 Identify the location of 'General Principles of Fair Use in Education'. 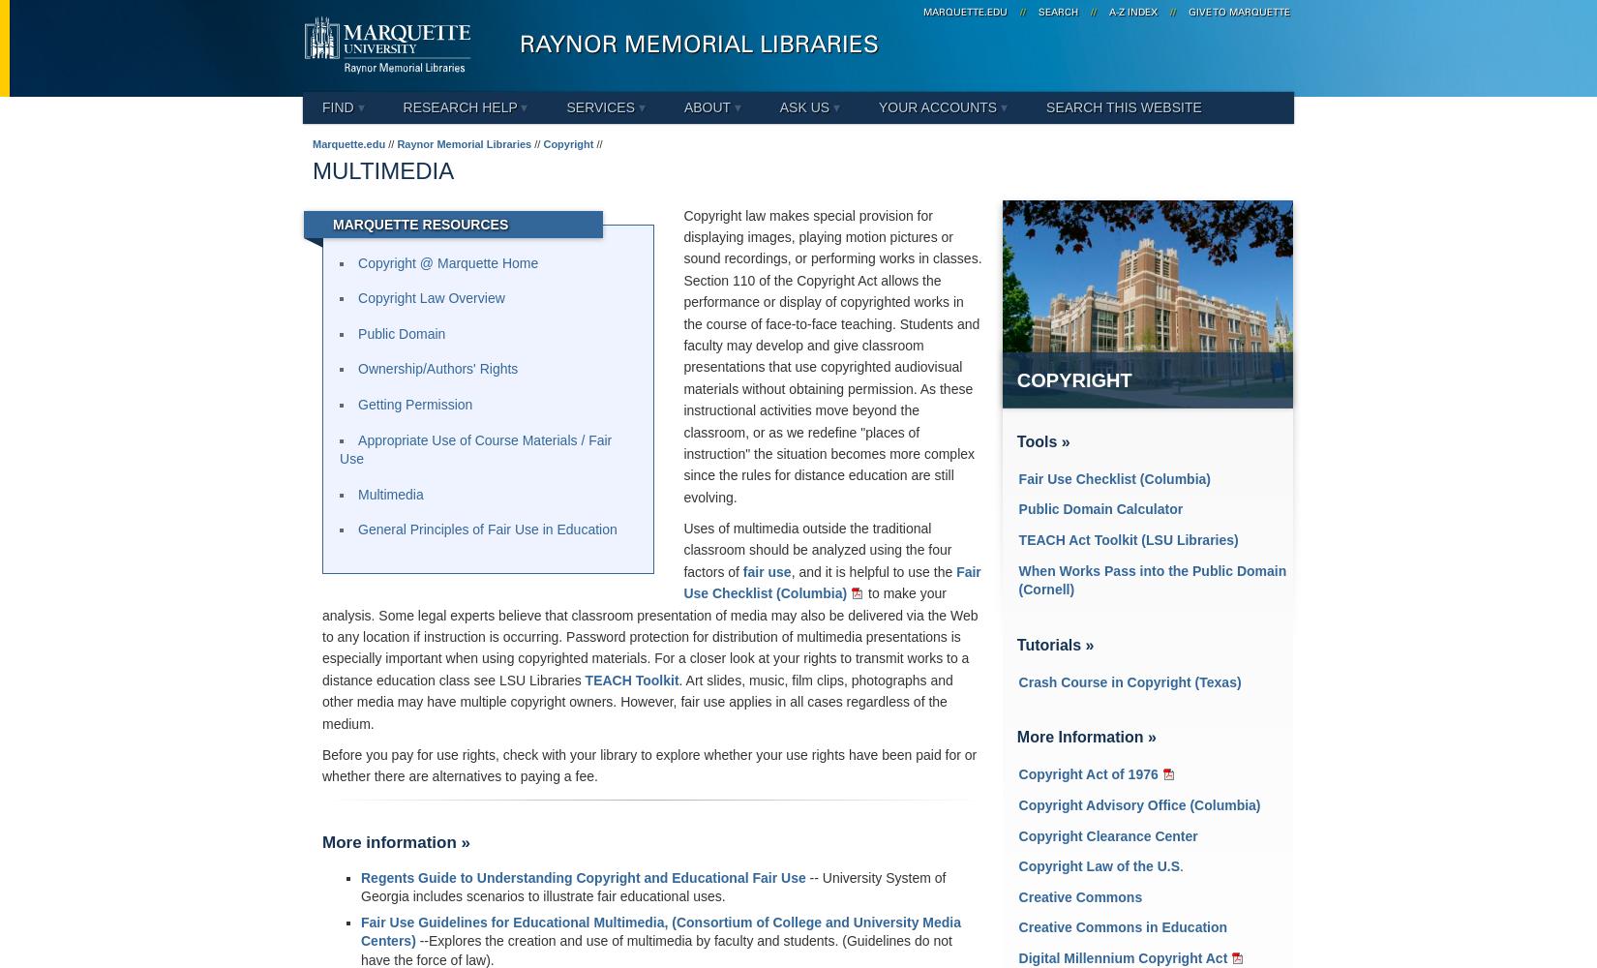
(357, 529).